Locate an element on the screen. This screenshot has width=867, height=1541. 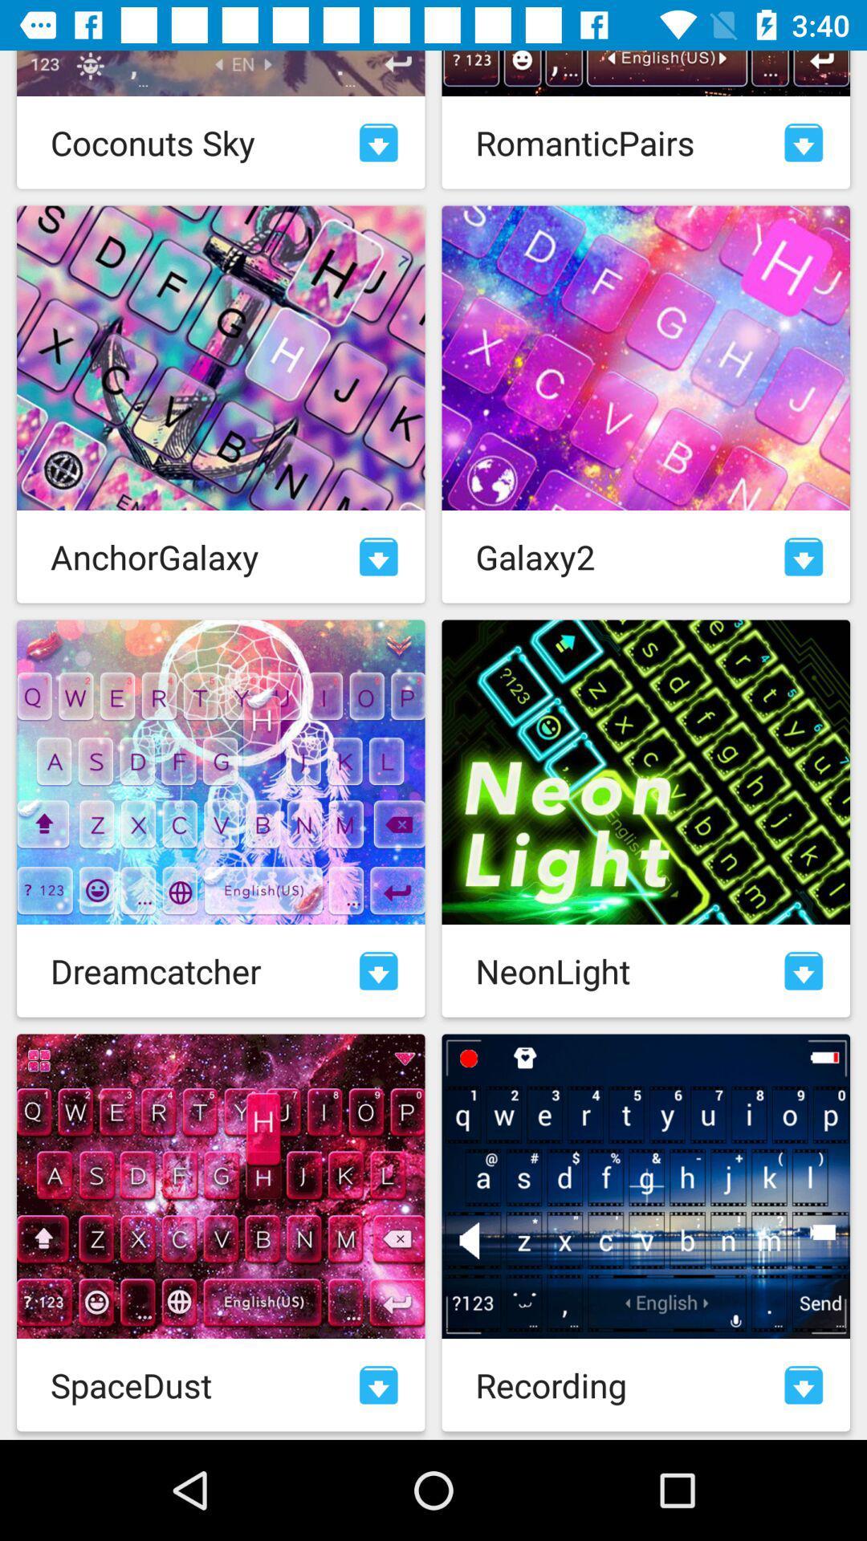
download is located at coordinates (378, 970).